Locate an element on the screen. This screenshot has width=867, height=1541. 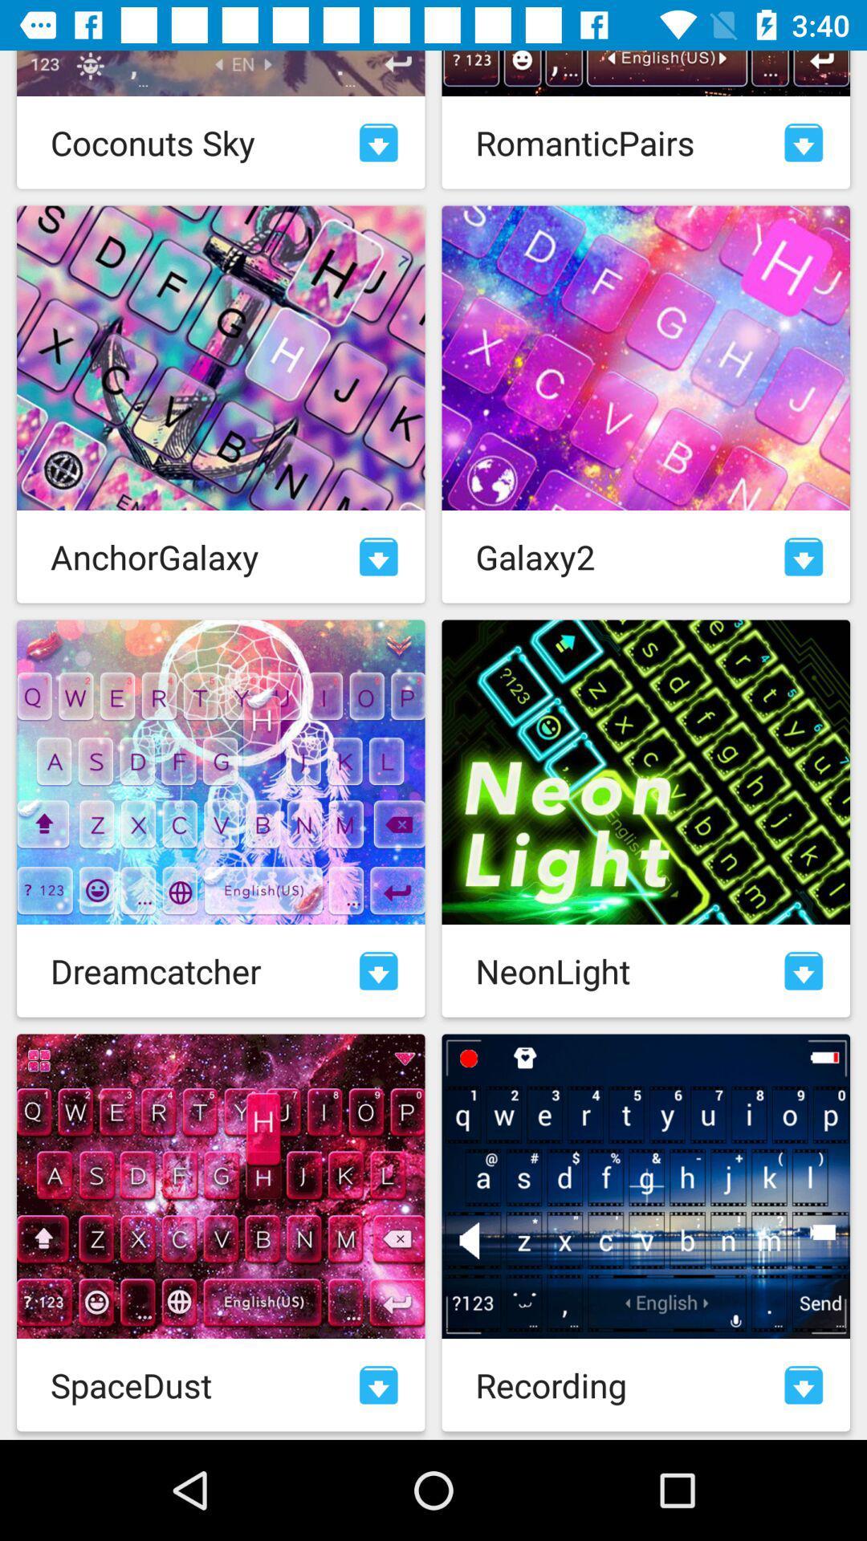
download is located at coordinates (378, 970).